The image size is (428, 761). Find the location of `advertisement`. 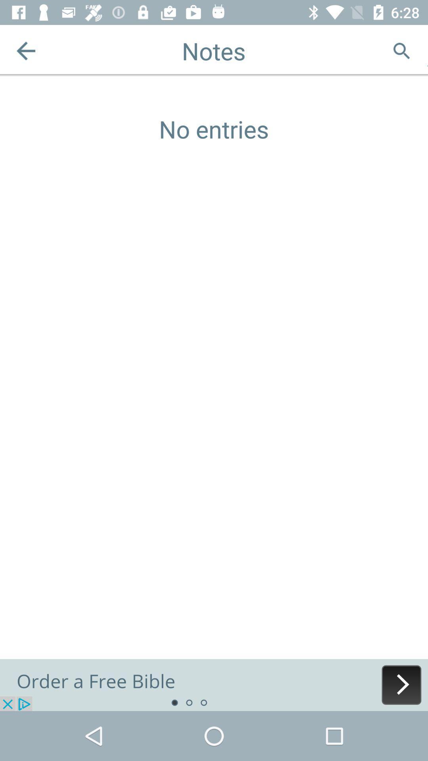

advertisement is located at coordinates (214, 685).